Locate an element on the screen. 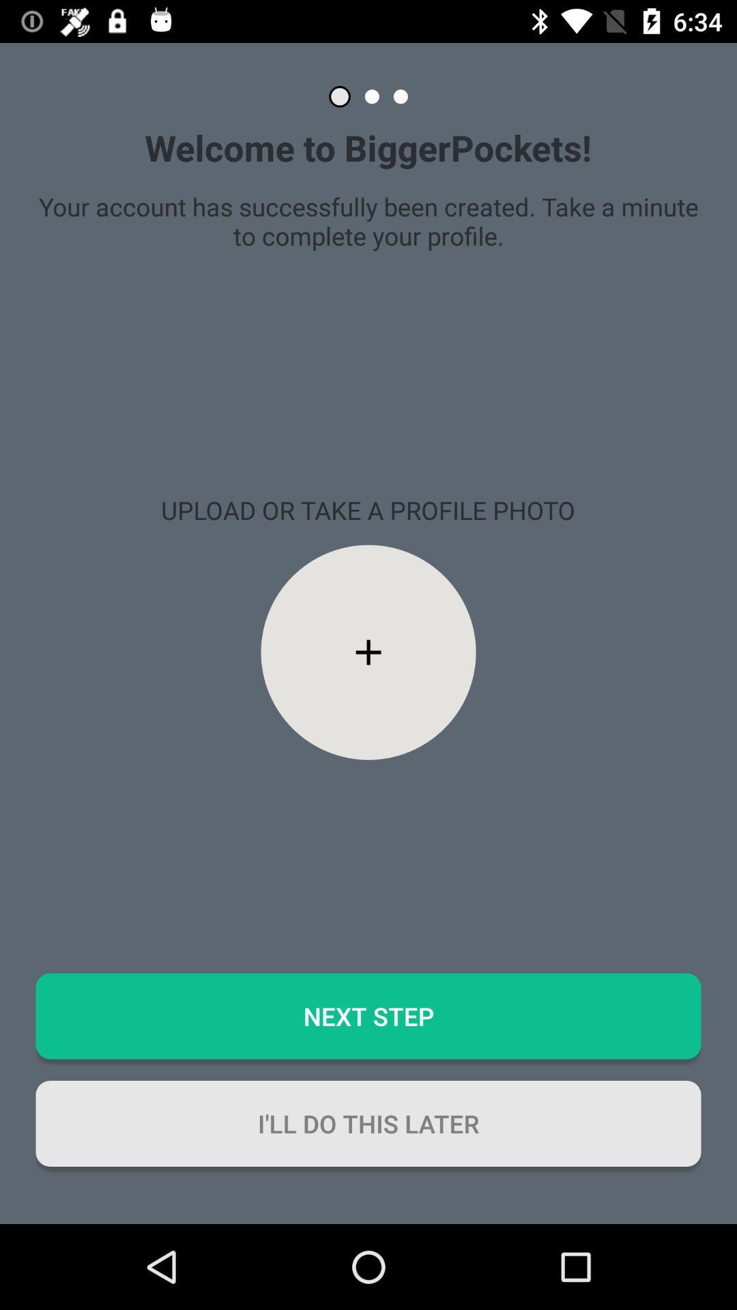 Image resolution: width=737 pixels, height=1310 pixels. item below next step item is located at coordinates (369, 1123).